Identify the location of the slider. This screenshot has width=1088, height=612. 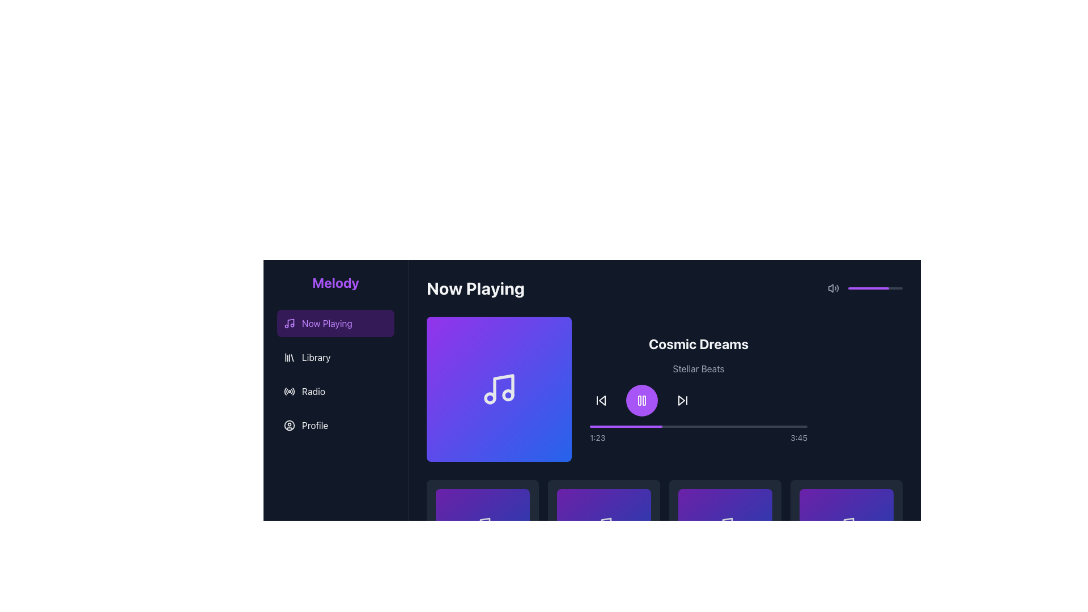
(893, 288).